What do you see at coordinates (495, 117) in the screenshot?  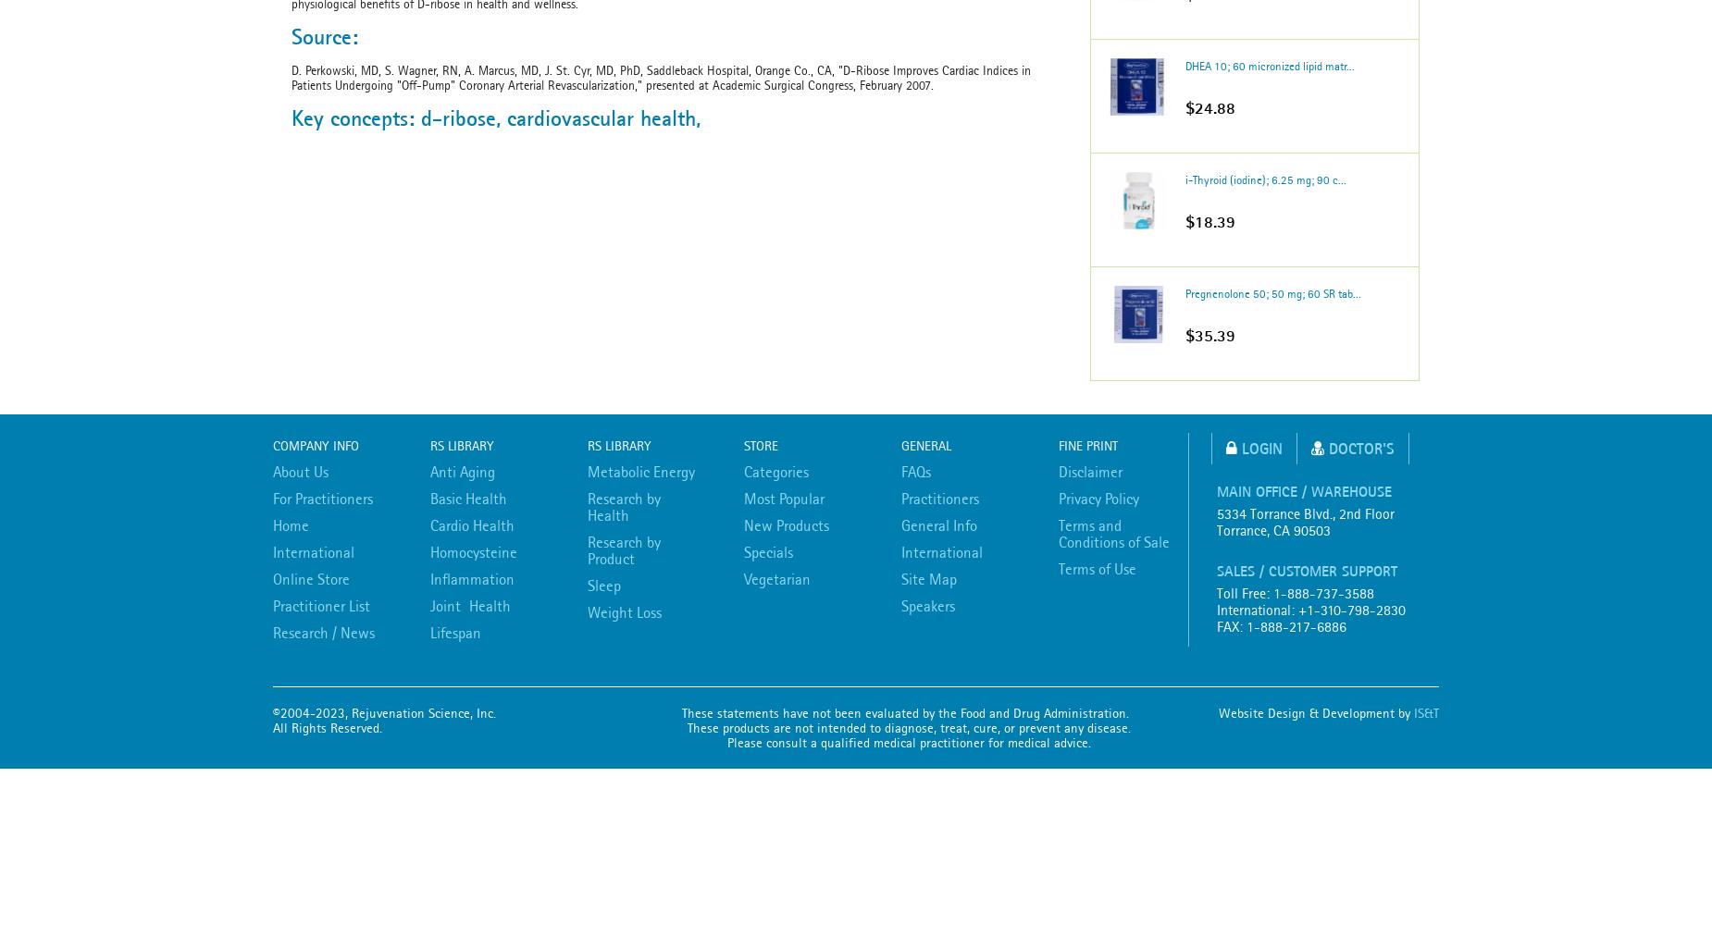 I see `'Key concepts: d-ribose, cardiovascular health,'` at bounding box center [495, 117].